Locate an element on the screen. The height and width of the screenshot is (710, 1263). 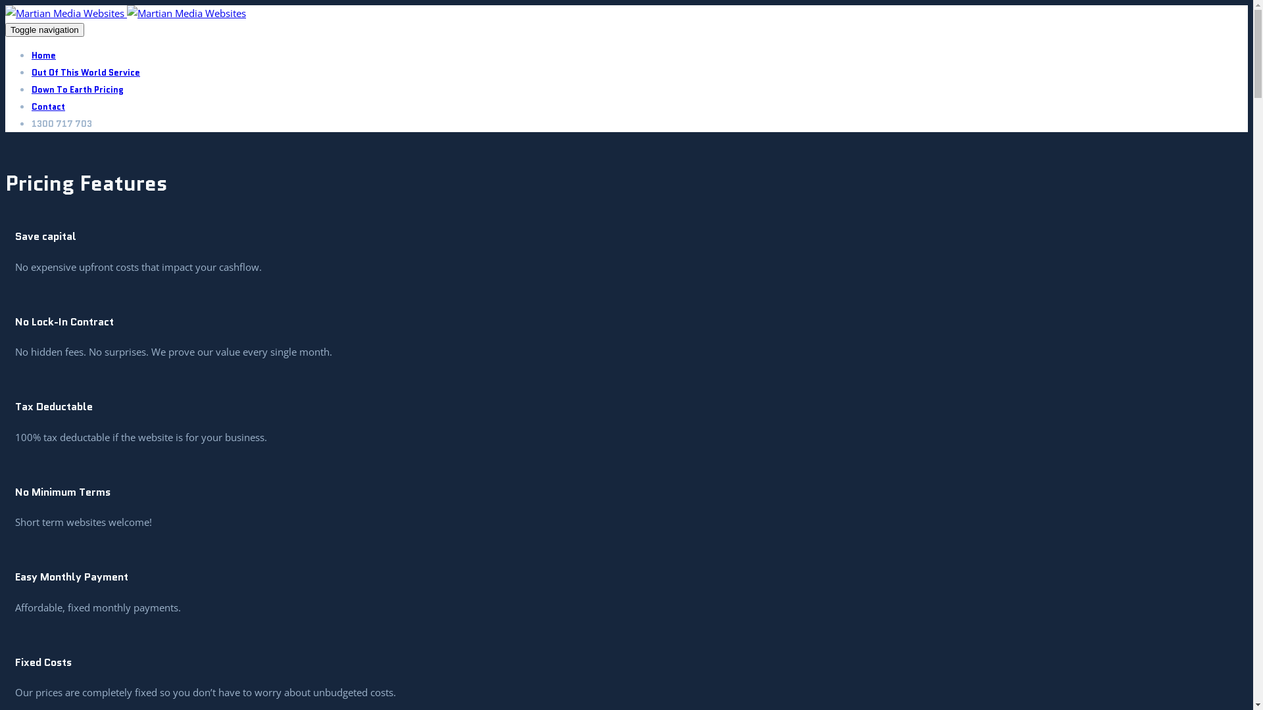
'Down To Earth Pricing' is located at coordinates (32, 89).